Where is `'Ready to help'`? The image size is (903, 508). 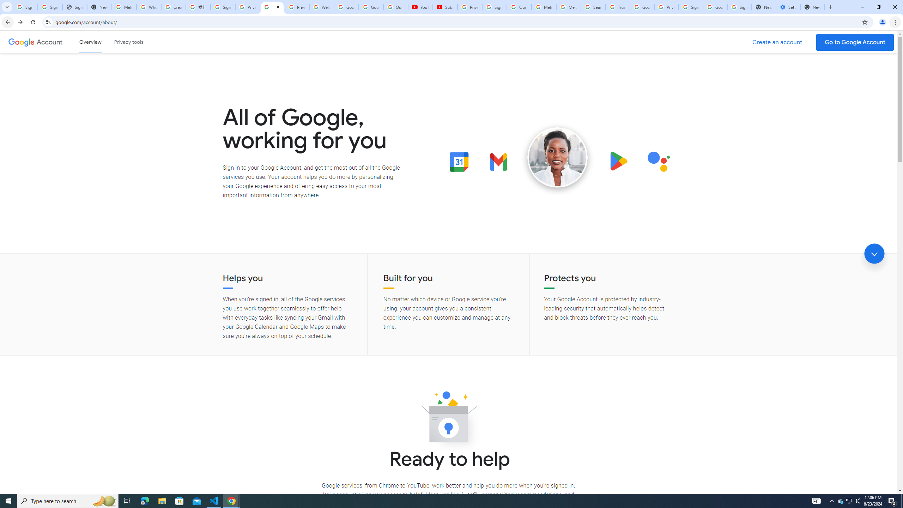 'Ready to help' is located at coordinates (448, 419).